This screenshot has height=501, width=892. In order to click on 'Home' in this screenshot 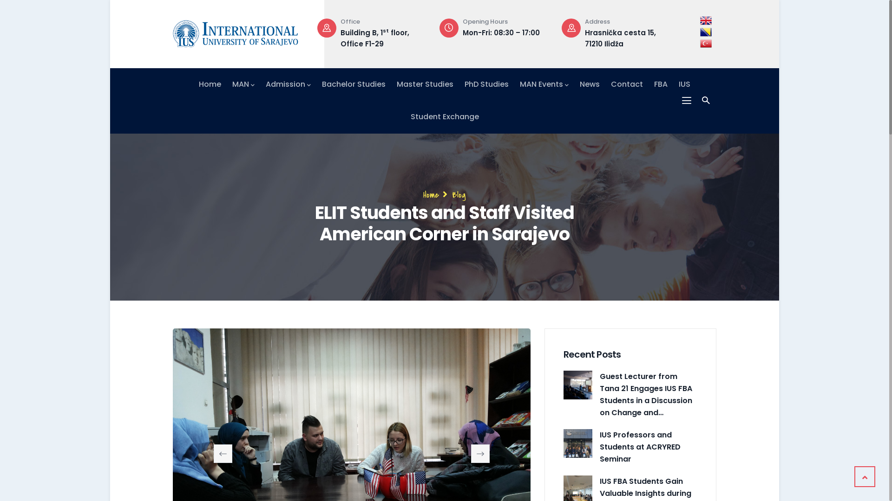, I will do `click(430, 194)`.